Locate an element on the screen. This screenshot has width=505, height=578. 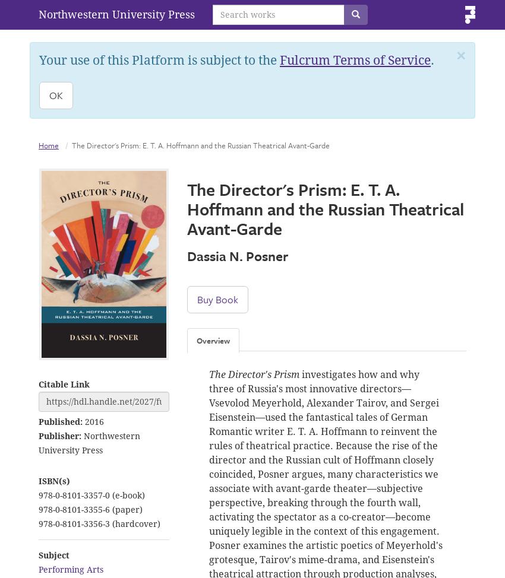
'Fulcrum Terms of Service' is located at coordinates (354, 59).